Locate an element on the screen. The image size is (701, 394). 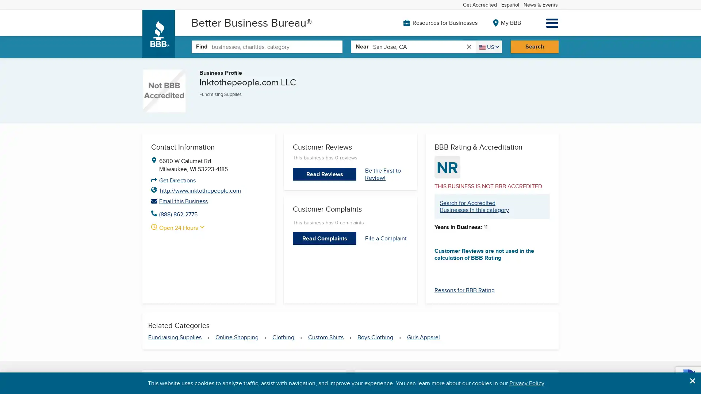
Get Directions is located at coordinates (177, 180).